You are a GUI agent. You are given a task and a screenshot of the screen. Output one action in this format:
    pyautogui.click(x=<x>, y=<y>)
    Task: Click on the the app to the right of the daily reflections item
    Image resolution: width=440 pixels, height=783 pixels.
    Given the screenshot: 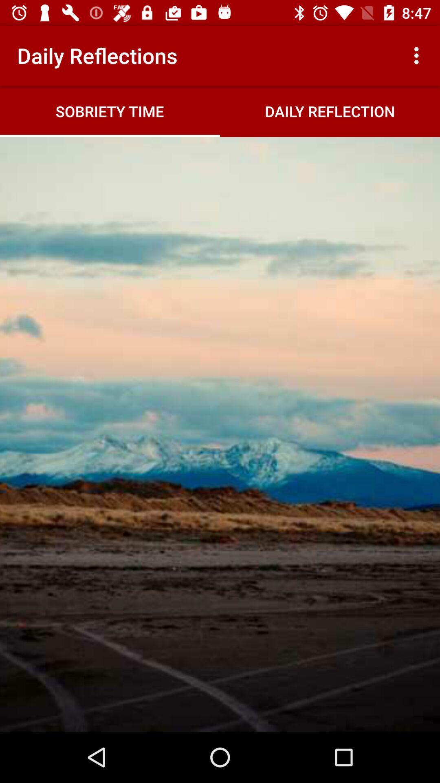 What is the action you would take?
    pyautogui.click(x=418, y=55)
    